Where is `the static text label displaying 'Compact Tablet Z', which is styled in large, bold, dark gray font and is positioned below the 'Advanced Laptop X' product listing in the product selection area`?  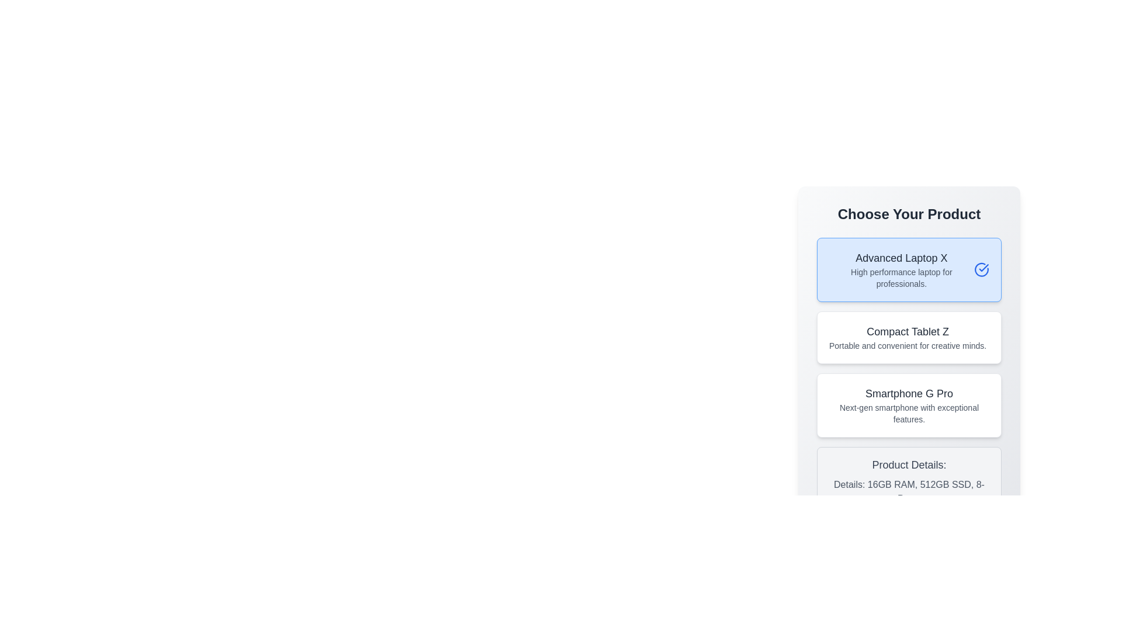
the static text label displaying 'Compact Tablet Z', which is styled in large, bold, dark gray font and is positioned below the 'Advanced Laptop X' product listing in the product selection area is located at coordinates (907, 331).